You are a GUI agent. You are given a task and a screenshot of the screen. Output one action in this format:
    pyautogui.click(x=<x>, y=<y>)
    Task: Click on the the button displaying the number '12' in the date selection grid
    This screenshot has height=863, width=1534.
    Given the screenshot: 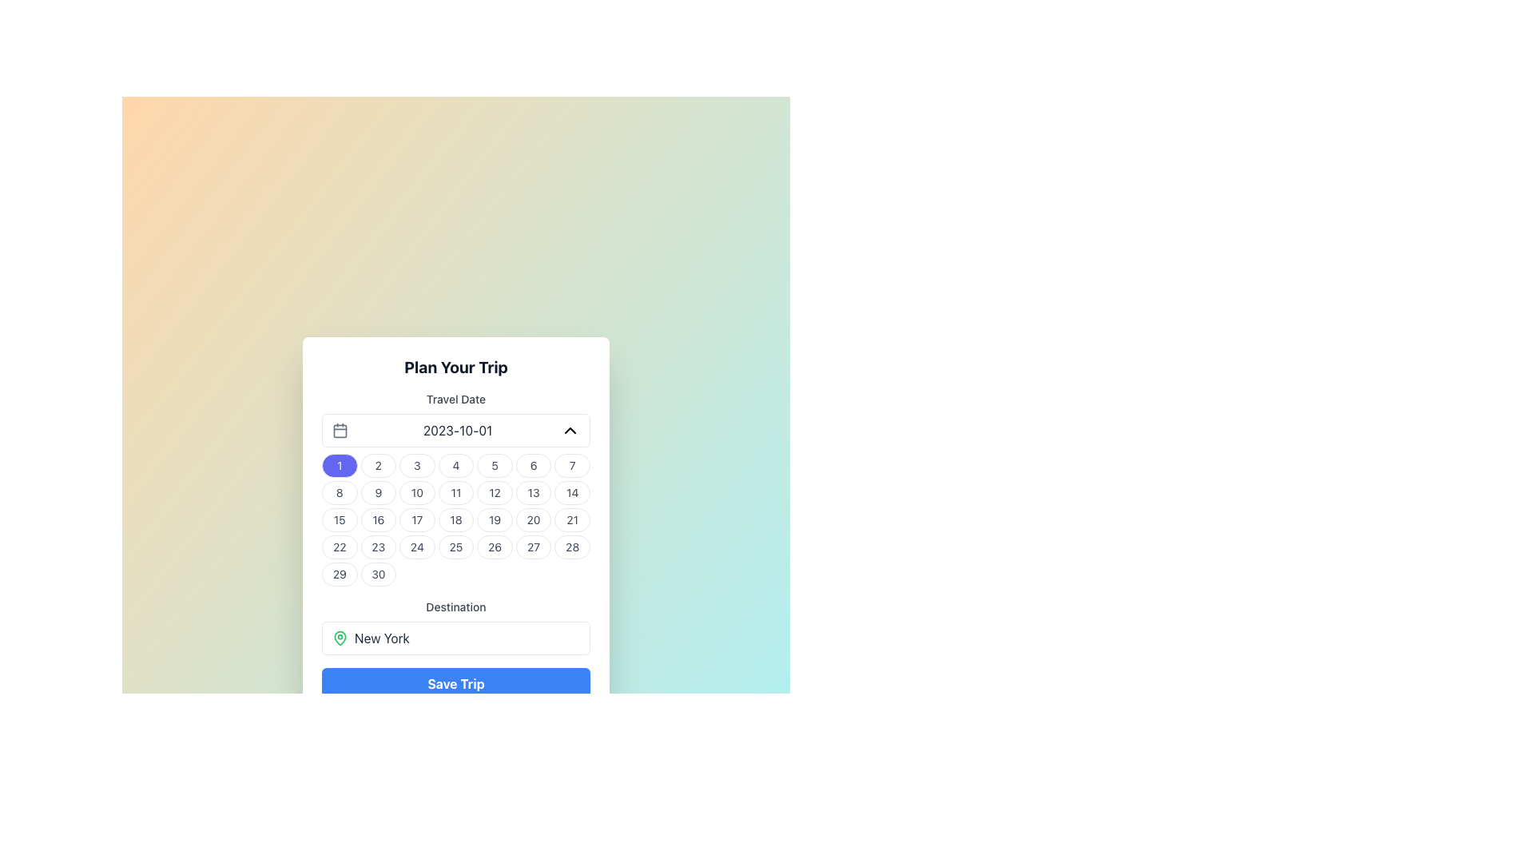 What is the action you would take?
    pyautogui.click(x=494, y=492)
    